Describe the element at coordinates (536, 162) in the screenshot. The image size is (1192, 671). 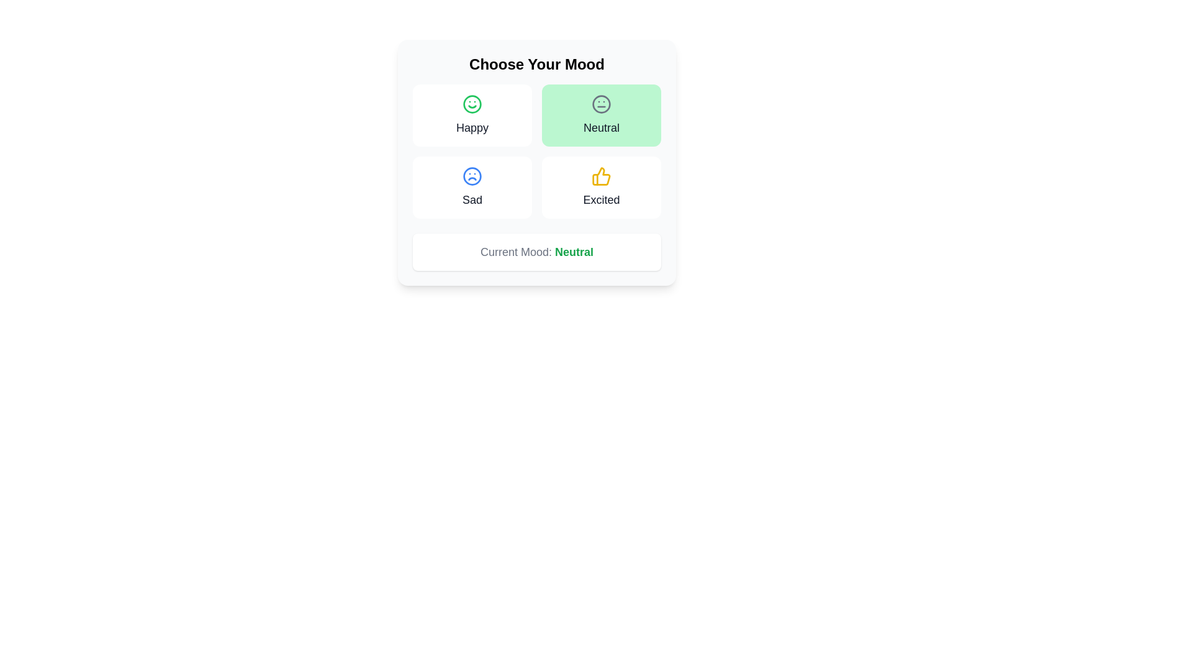
I see `the mood option within the 'Choose Your Mood' card element` at that location.